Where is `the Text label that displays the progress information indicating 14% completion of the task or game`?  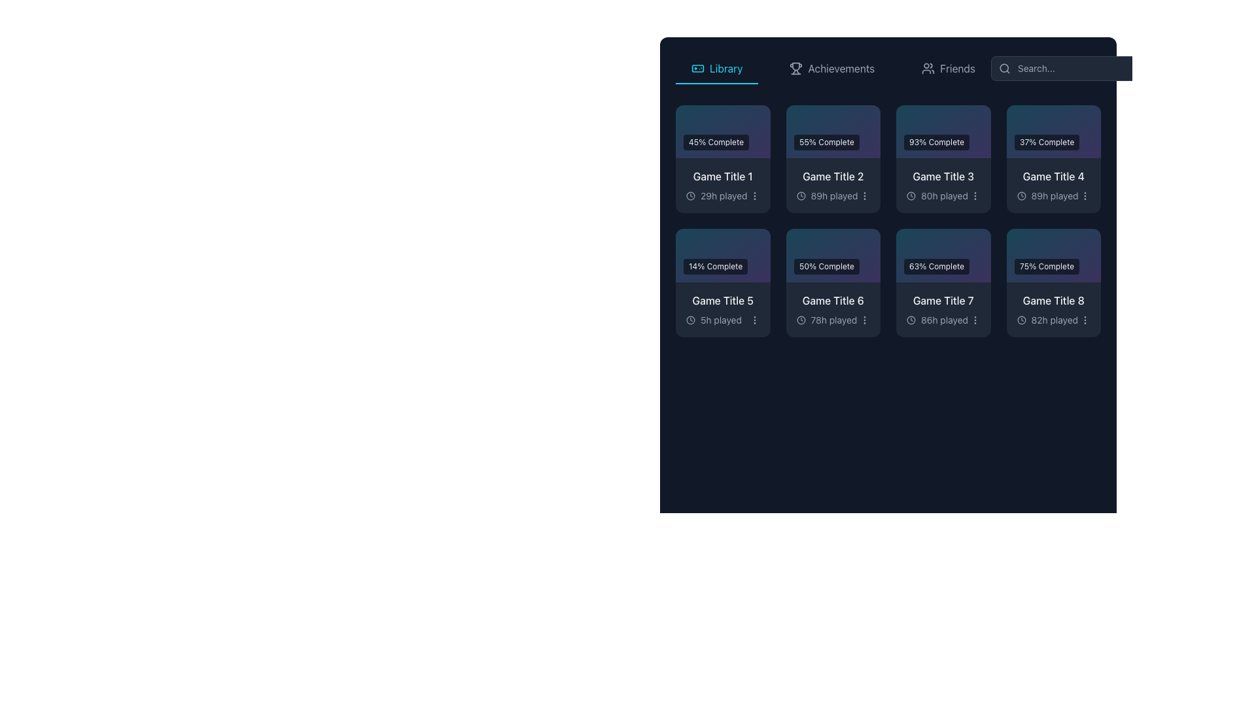 the Text label that displays the progress information indicating 14% completion of the task or game is located at coordinates (722, 255).